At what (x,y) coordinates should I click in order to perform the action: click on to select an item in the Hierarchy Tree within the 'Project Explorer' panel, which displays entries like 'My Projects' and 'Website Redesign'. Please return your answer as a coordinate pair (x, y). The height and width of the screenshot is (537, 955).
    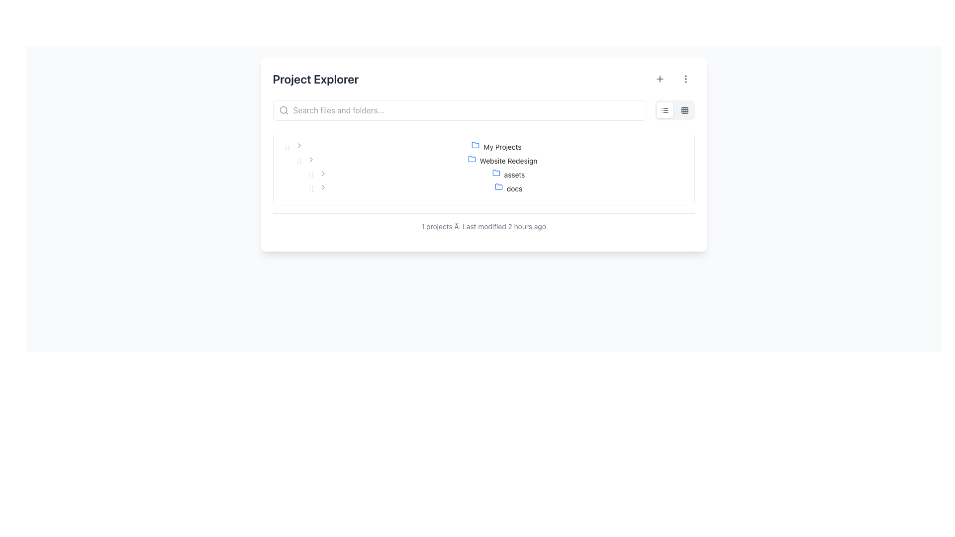
    Looking at the image, I should click on (483, 168).